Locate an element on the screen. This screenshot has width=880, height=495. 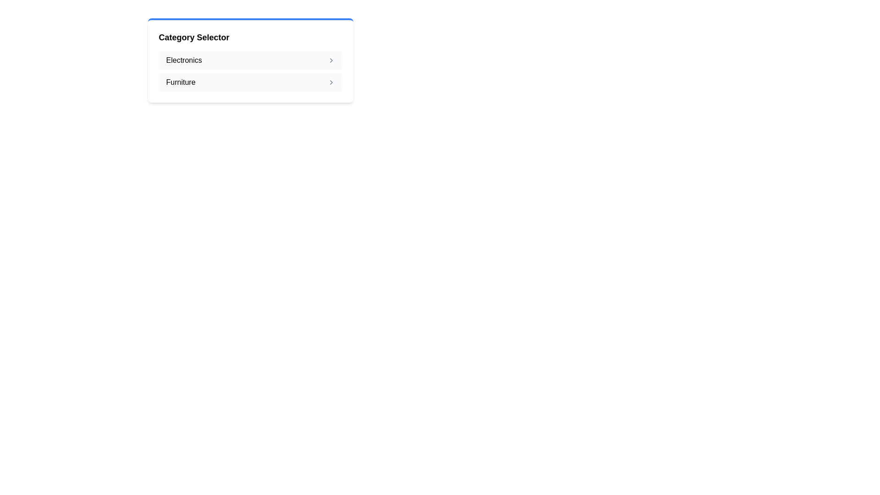
text from the 'Furniture' category label located in the second row of the Category Selector panel is located at coordinates (181, 82).